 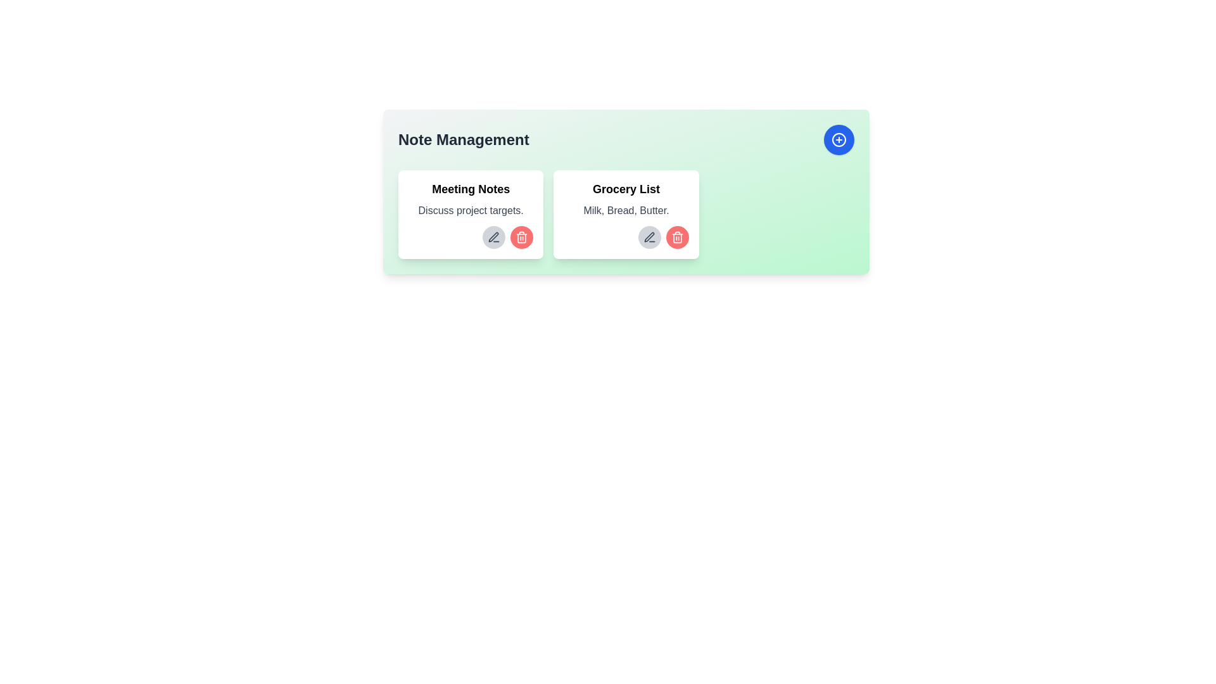 What do you see at coordinates (839, 139) in the screenshot?
I see `the circular icon button with a blue background and a white outline, featuring a white '+' symbol, located in the top-right corner of the green panel labeled 'Note Management'` at bounding box center [839, 139].